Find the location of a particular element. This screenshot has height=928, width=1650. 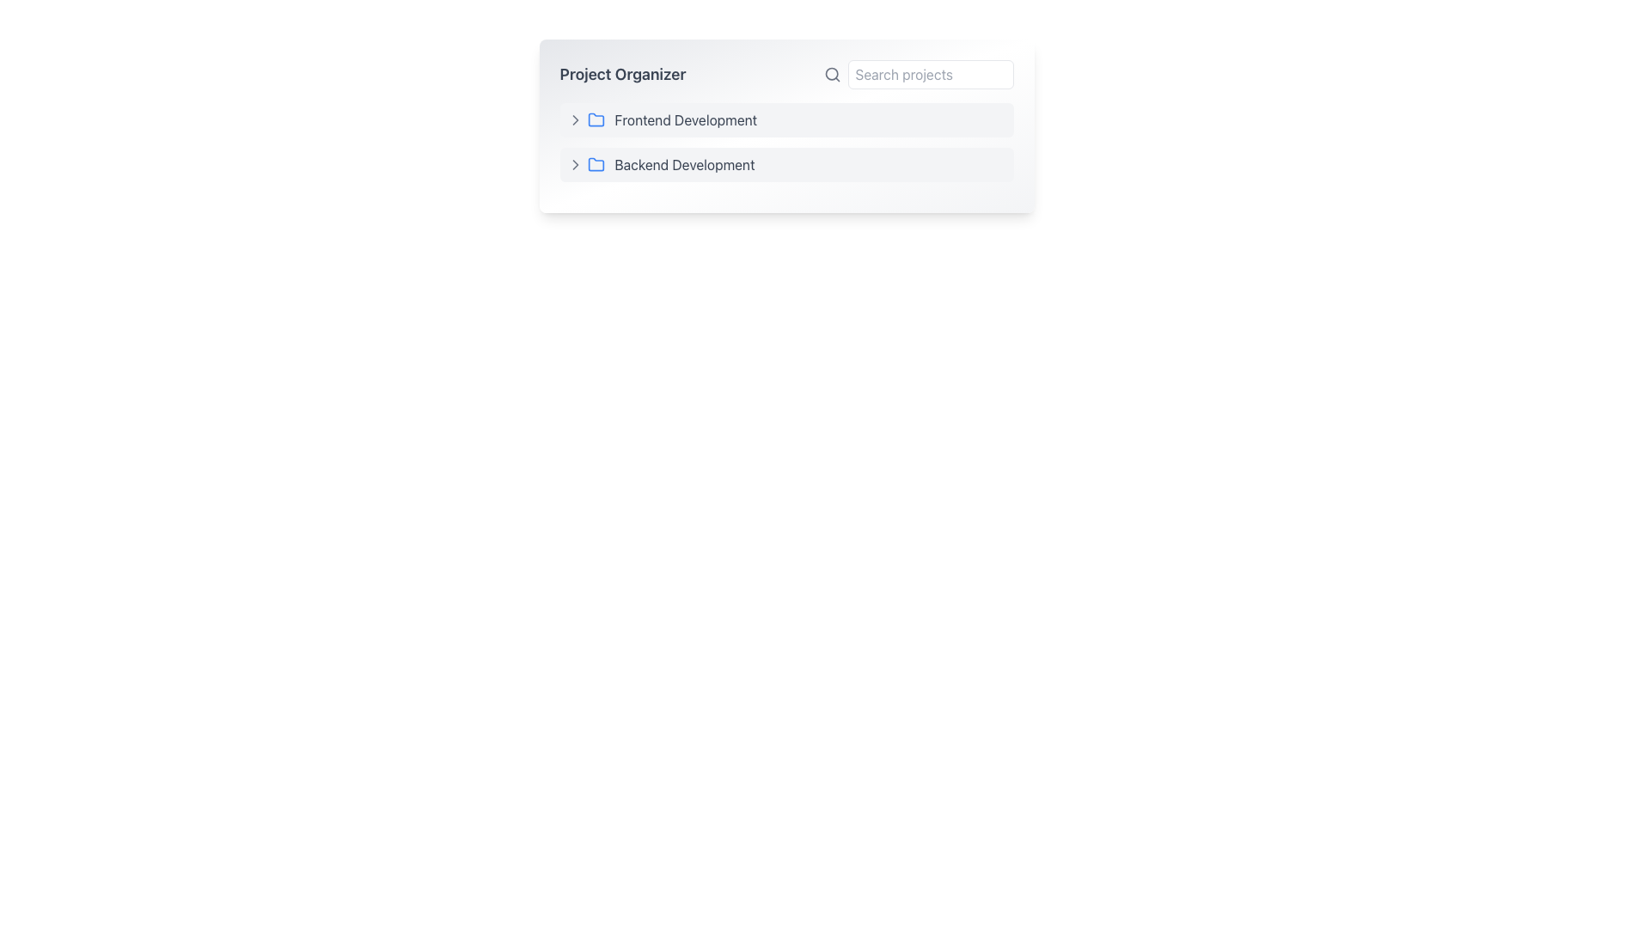

the 'Frontend Development' text label in the 'Project Organizer' section, which is styled with a gray font color and has a slight margin to the left is located at coordinates (685, 119).